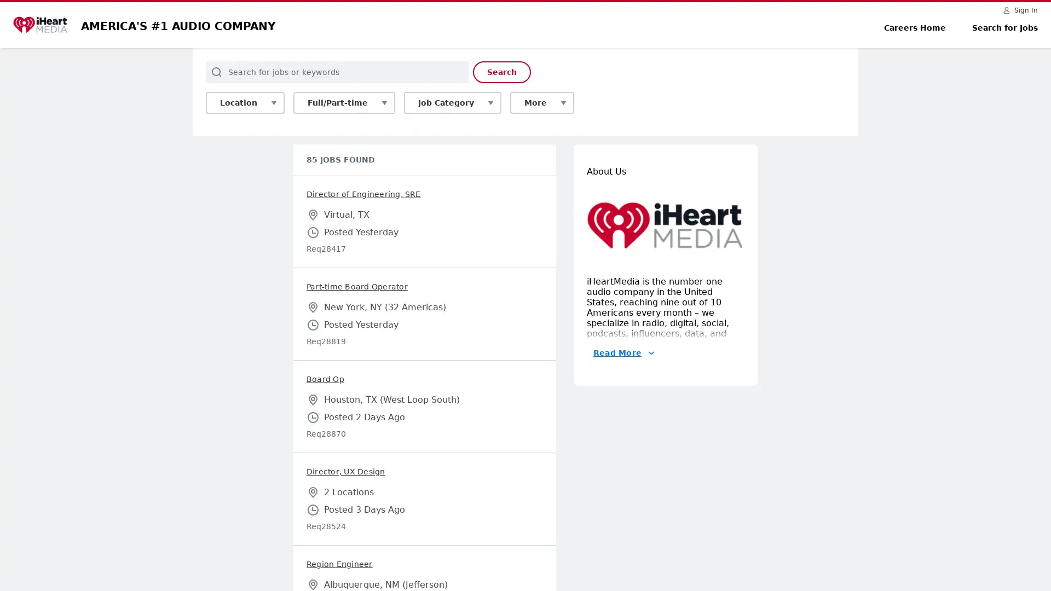  I want to click on Full/Part-time, so click(331, 305).